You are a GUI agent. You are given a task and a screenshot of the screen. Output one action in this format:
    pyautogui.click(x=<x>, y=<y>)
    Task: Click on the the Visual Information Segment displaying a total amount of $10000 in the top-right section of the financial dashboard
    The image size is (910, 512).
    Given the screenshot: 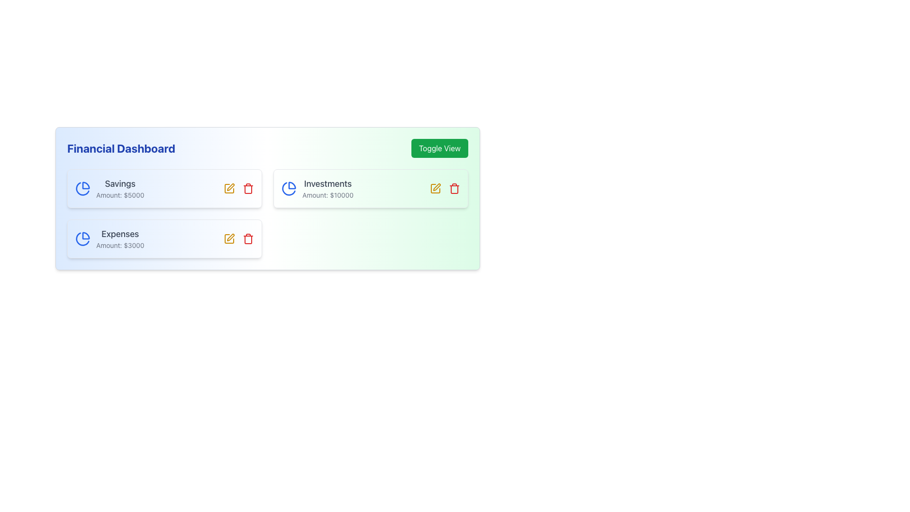 What is the action you would take?
    pyautogui.click(x=317, y=188)
    